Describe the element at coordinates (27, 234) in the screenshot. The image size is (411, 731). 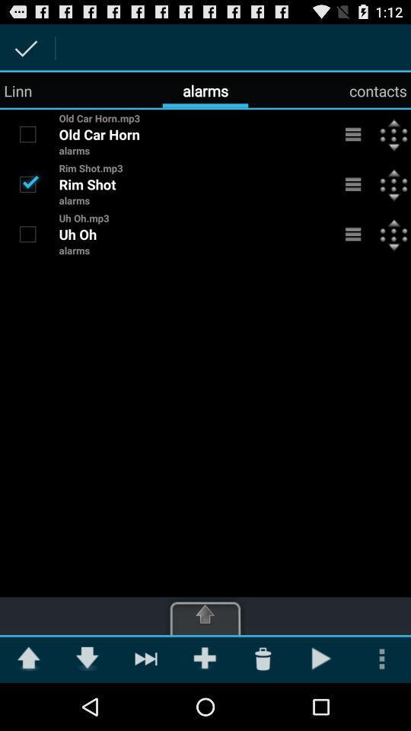
I see `turn uh oh alarm` at that location.